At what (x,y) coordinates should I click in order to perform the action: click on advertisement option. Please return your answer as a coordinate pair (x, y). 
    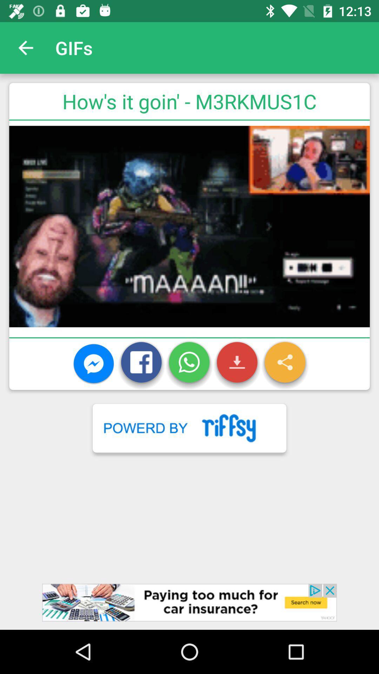
    Looking at the image, I should click on (189, 606).